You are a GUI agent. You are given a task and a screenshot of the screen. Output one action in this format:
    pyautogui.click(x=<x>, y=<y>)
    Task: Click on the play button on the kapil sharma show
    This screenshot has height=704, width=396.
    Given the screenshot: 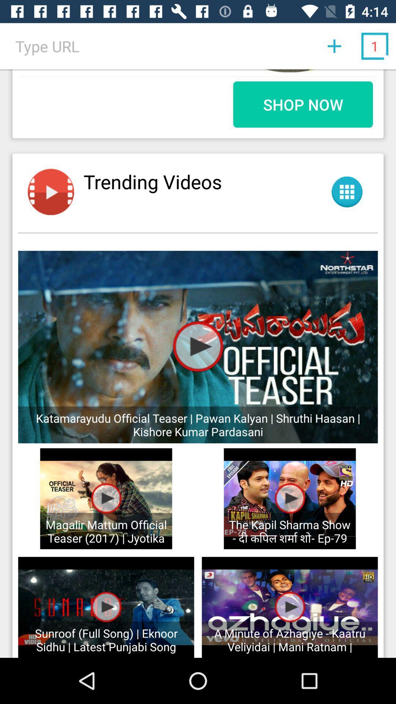 What is the action you would take?
    pyautogui.click(x=289, y=498)
    